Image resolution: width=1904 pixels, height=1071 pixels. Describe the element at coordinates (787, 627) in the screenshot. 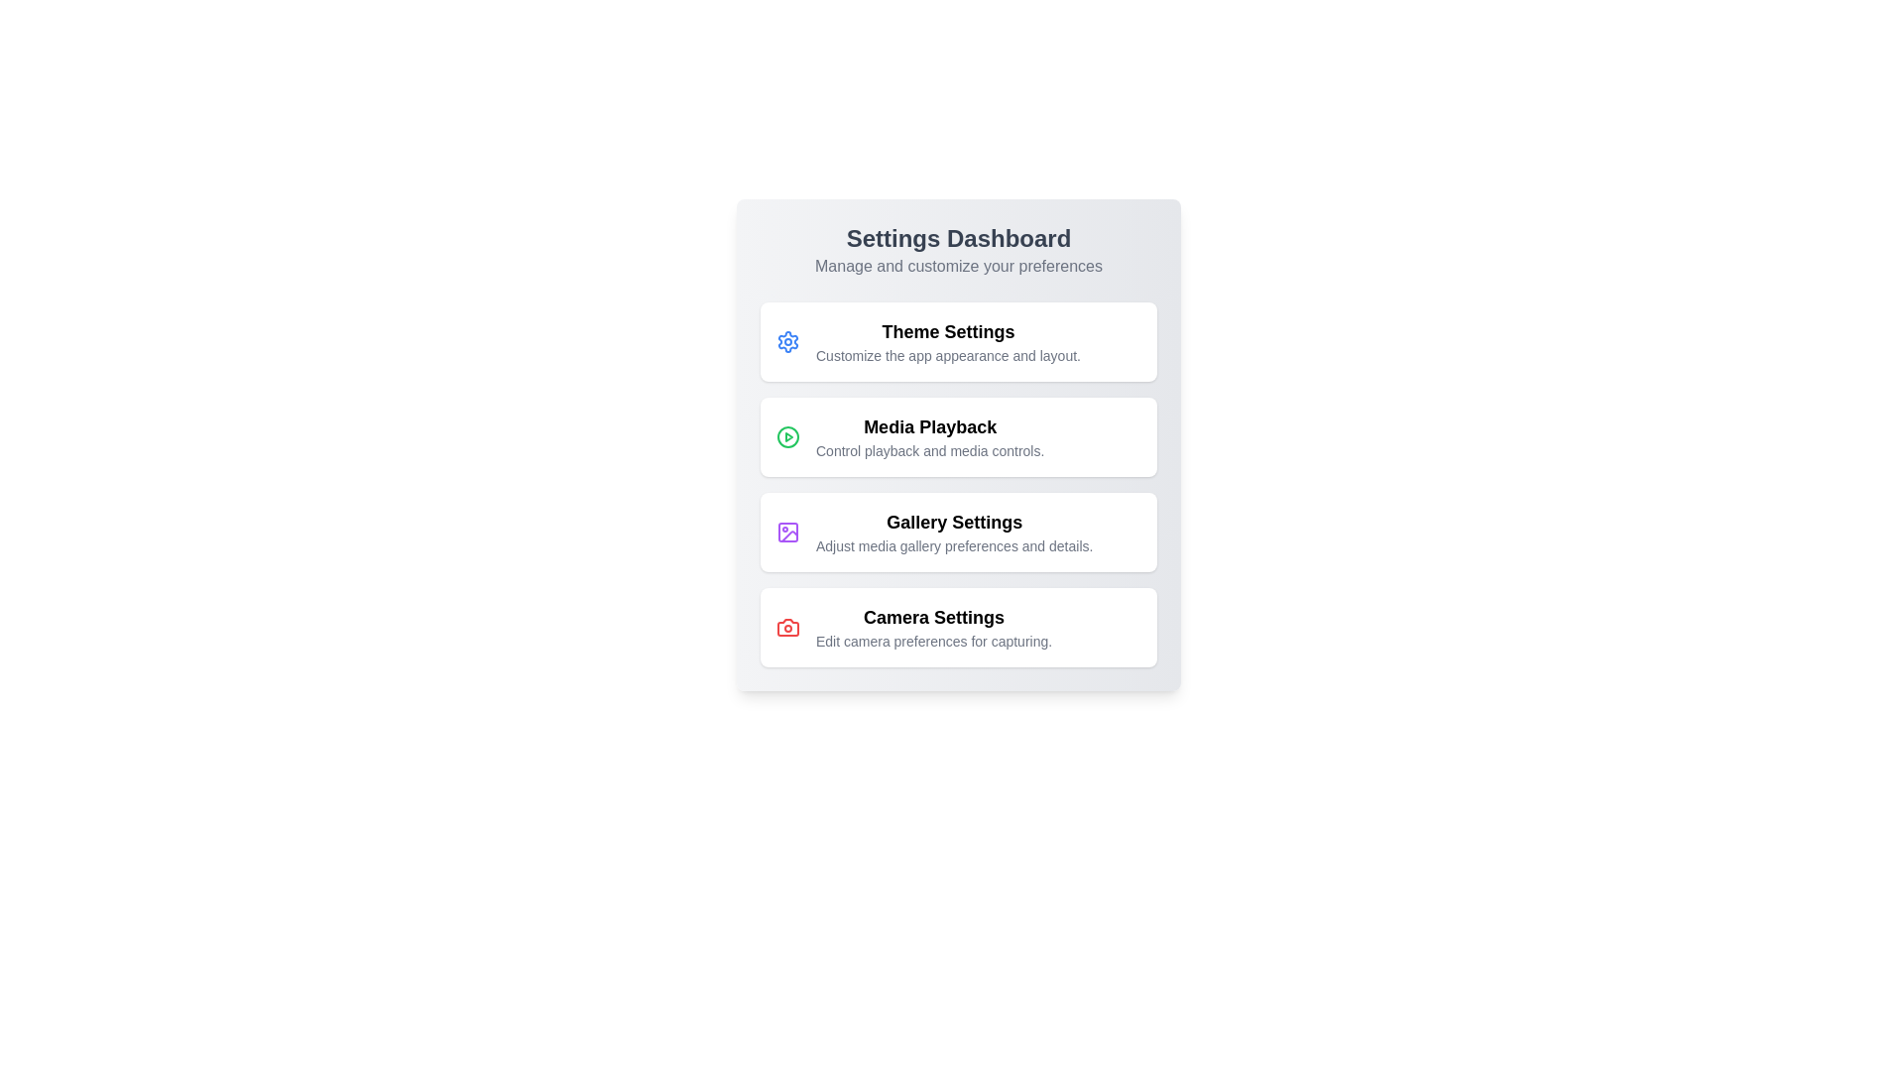

I see `the 'Camera Settings' icon, which is the leftmost part of the 'Camera Settings' section within the rounded rectangular block at the bottom of the settings dashboard` at that location.